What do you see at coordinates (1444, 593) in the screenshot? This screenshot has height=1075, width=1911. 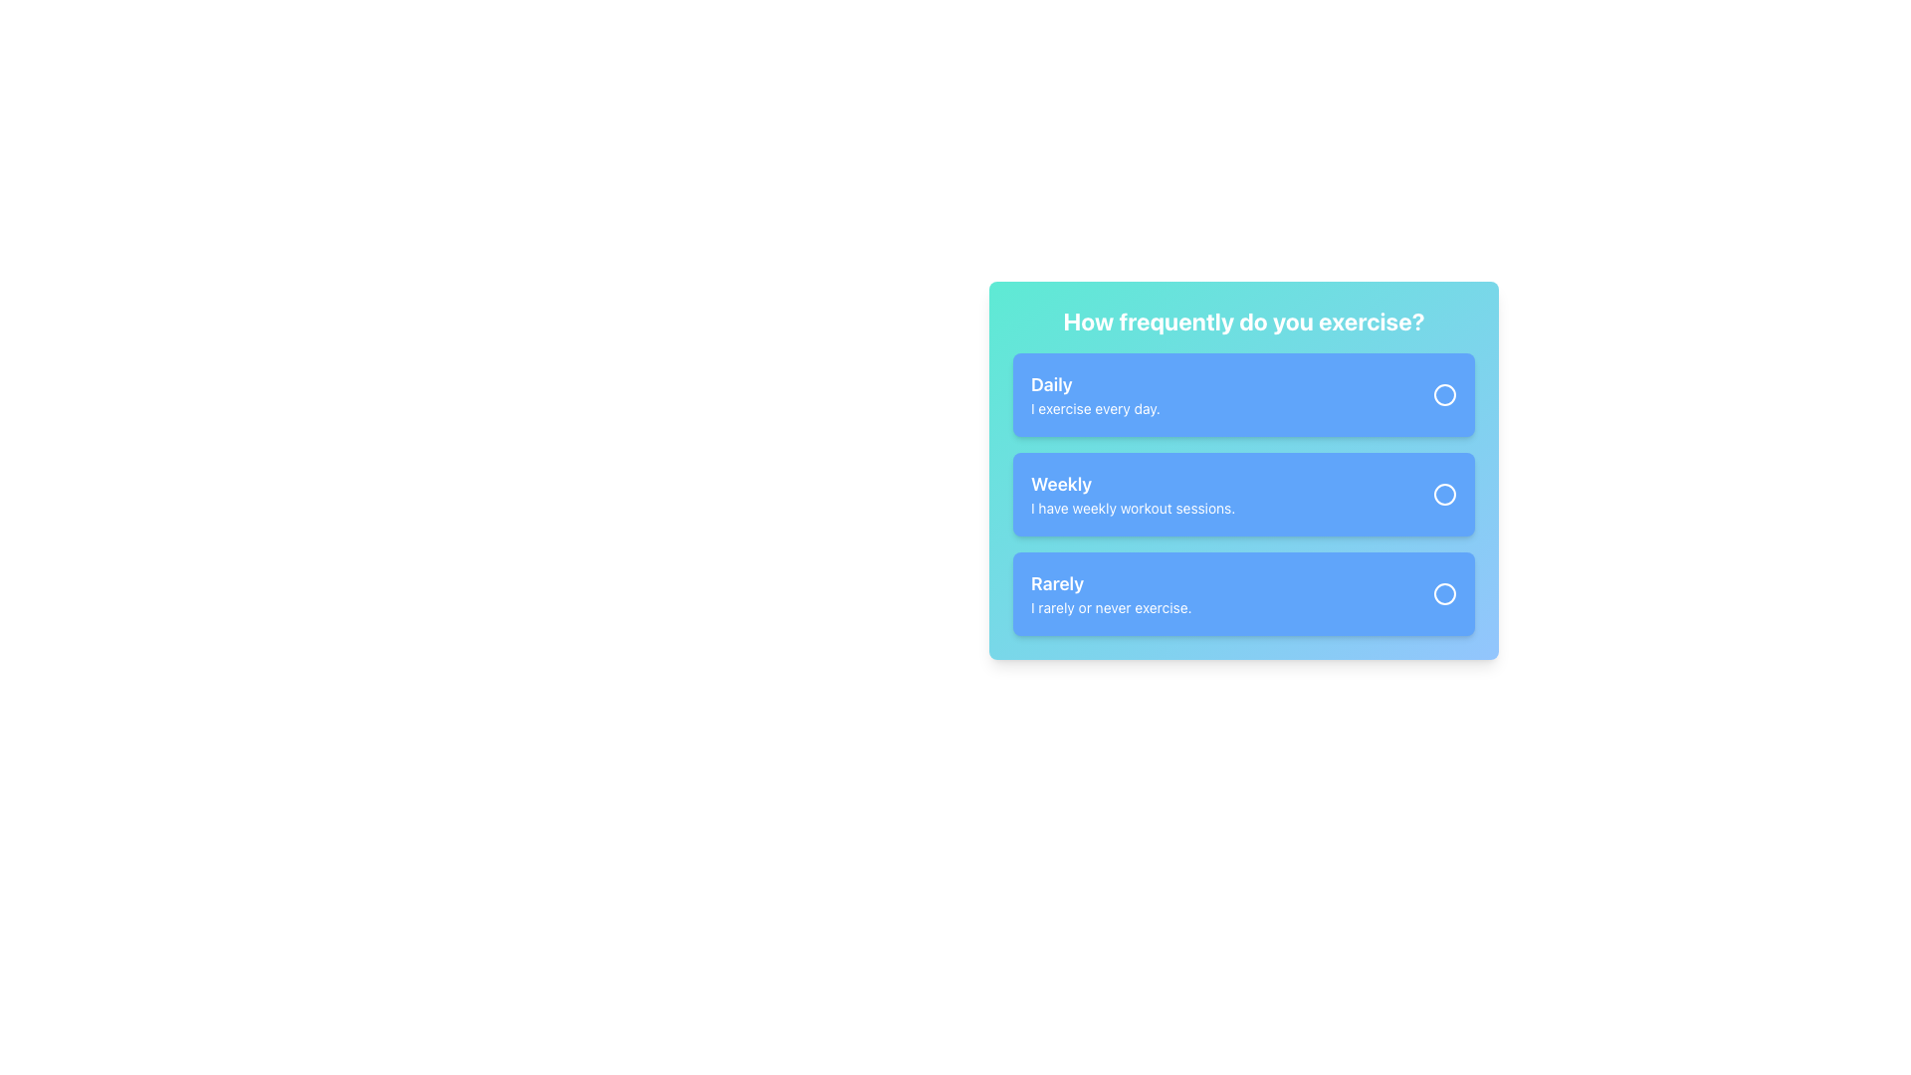 I see `the radio button representing the 'Rarely' option in the questionnaire` at bounding box center [1444, 593].